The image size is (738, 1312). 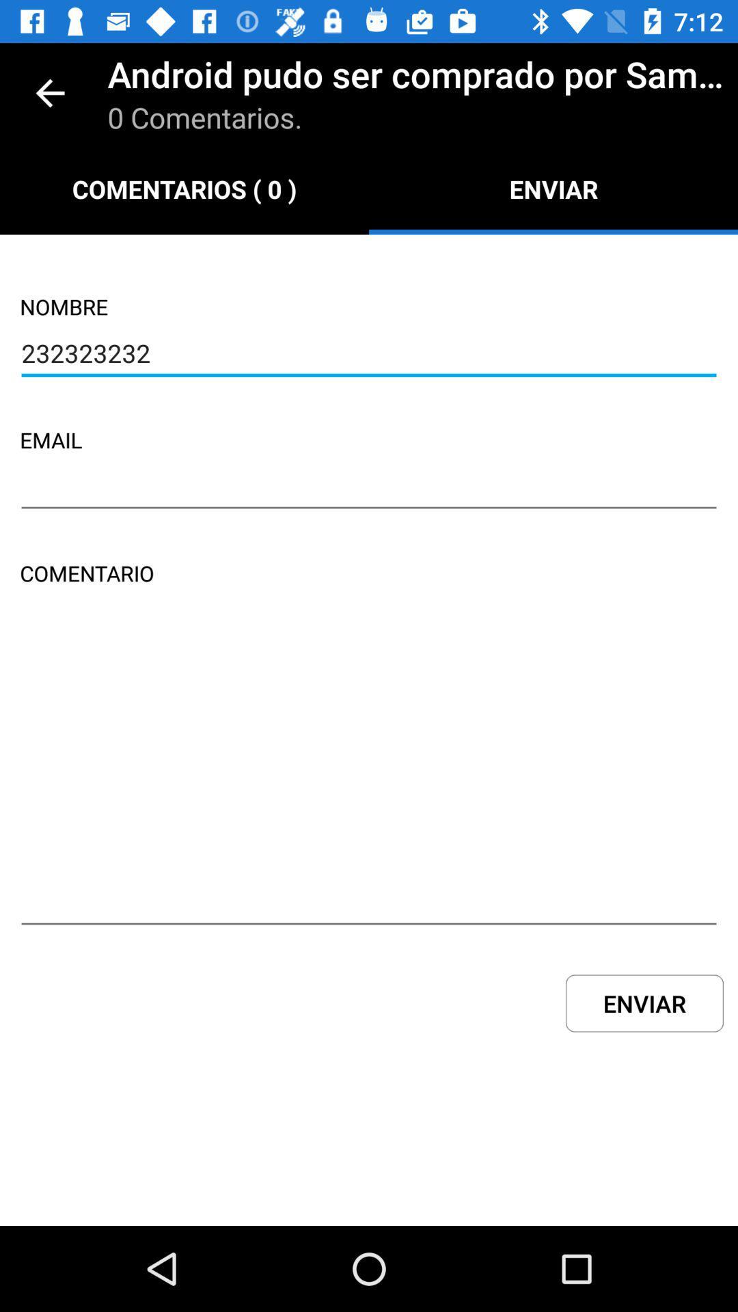 What do you see at coordinates (369, 355) in the screenshot?
I see `the icon below nombre icon` at bounding box center [369, 355].